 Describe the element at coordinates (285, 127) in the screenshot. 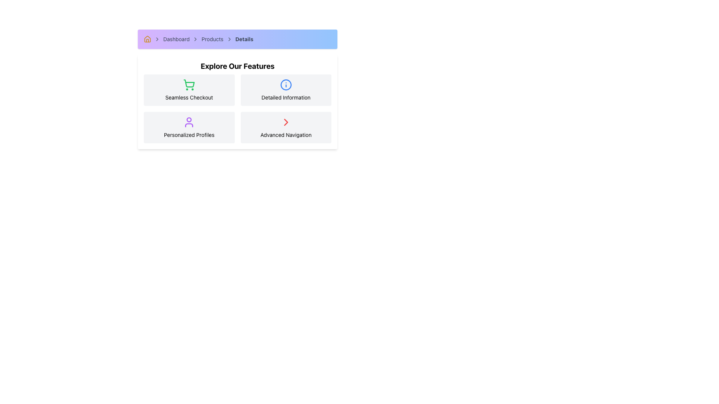

I see `the 'Advanced Navigation' section located in the bottom-right of the 'Explore Our Features' panel` at that location.